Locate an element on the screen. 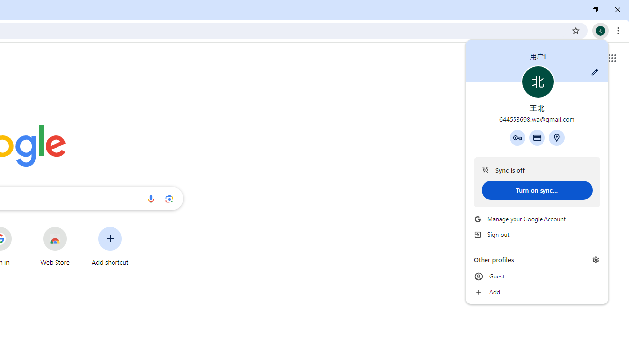 The width and height of the screenshot is (629, 353). 'More actions for Web Store shortcut' is located at coordinates (74, 227).